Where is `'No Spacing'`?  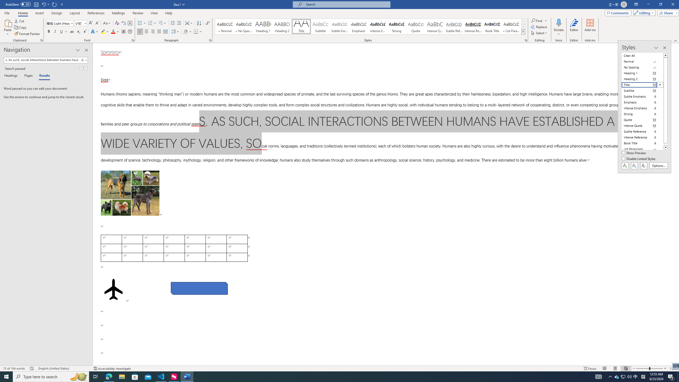
'No Spacing' is located at coordinates (642, 67).